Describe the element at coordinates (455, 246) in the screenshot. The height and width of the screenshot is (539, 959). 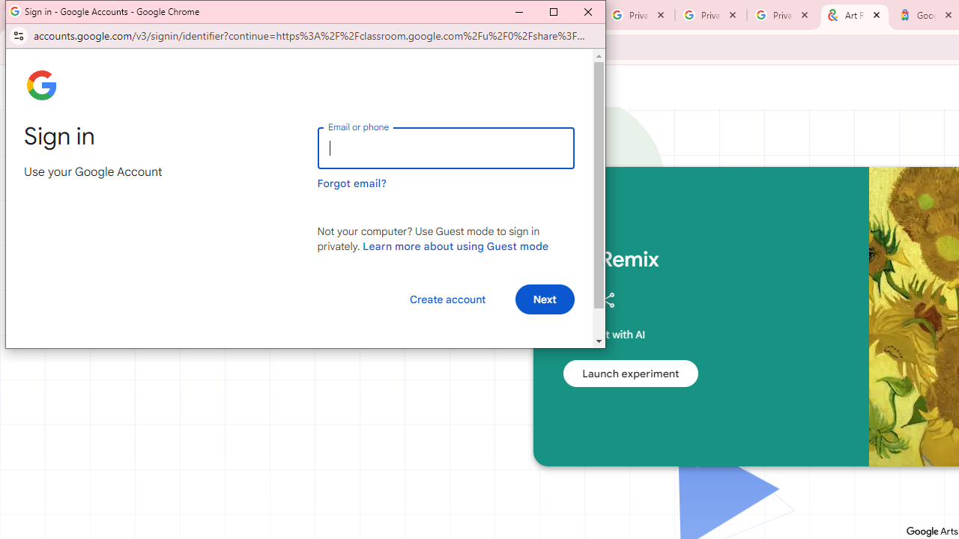
I see `'Learn more about using Guest mode'` at that location.